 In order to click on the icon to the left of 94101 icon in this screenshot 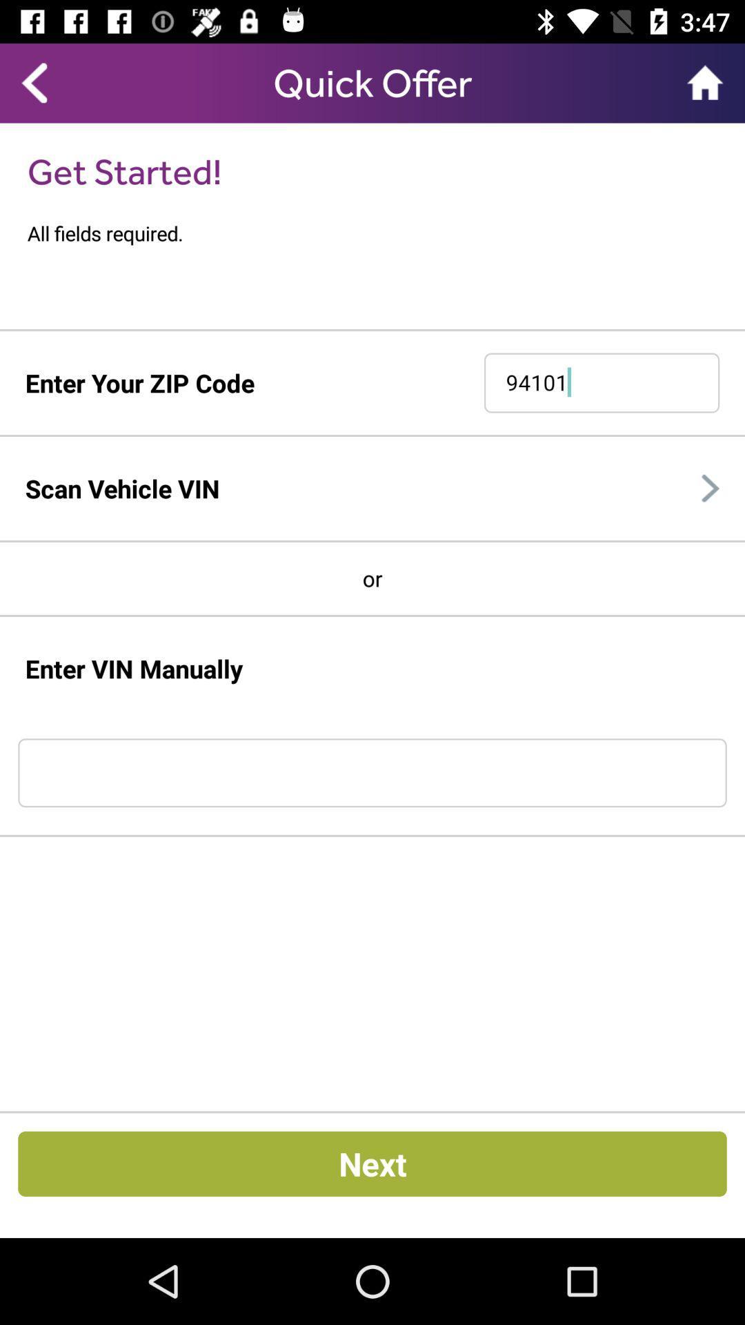, I will do `click(139, 383)`.